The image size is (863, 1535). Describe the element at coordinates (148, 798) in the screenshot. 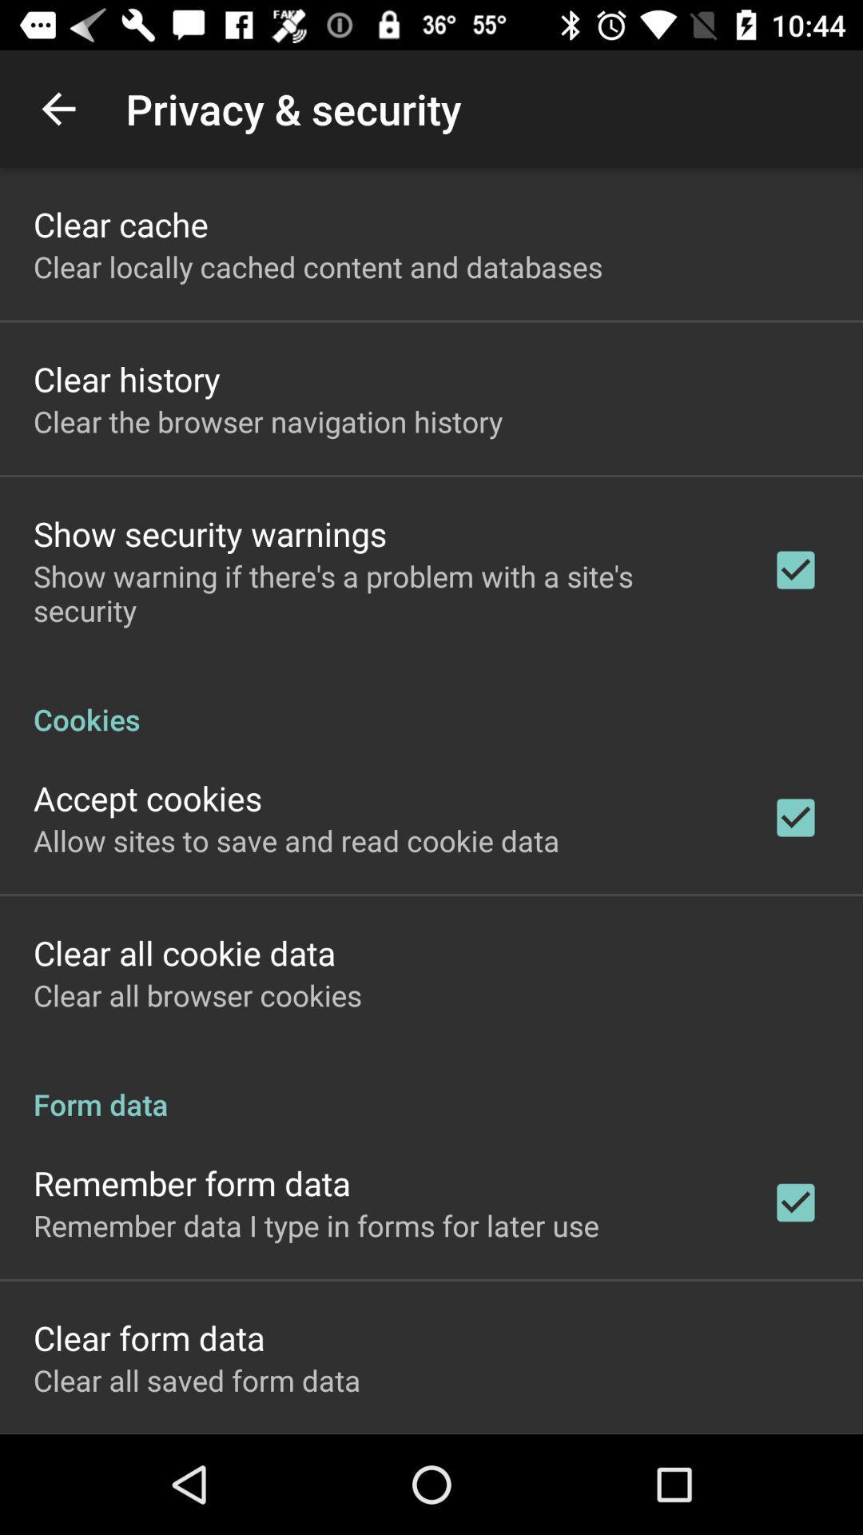

I see `accept cookies item` at that location.